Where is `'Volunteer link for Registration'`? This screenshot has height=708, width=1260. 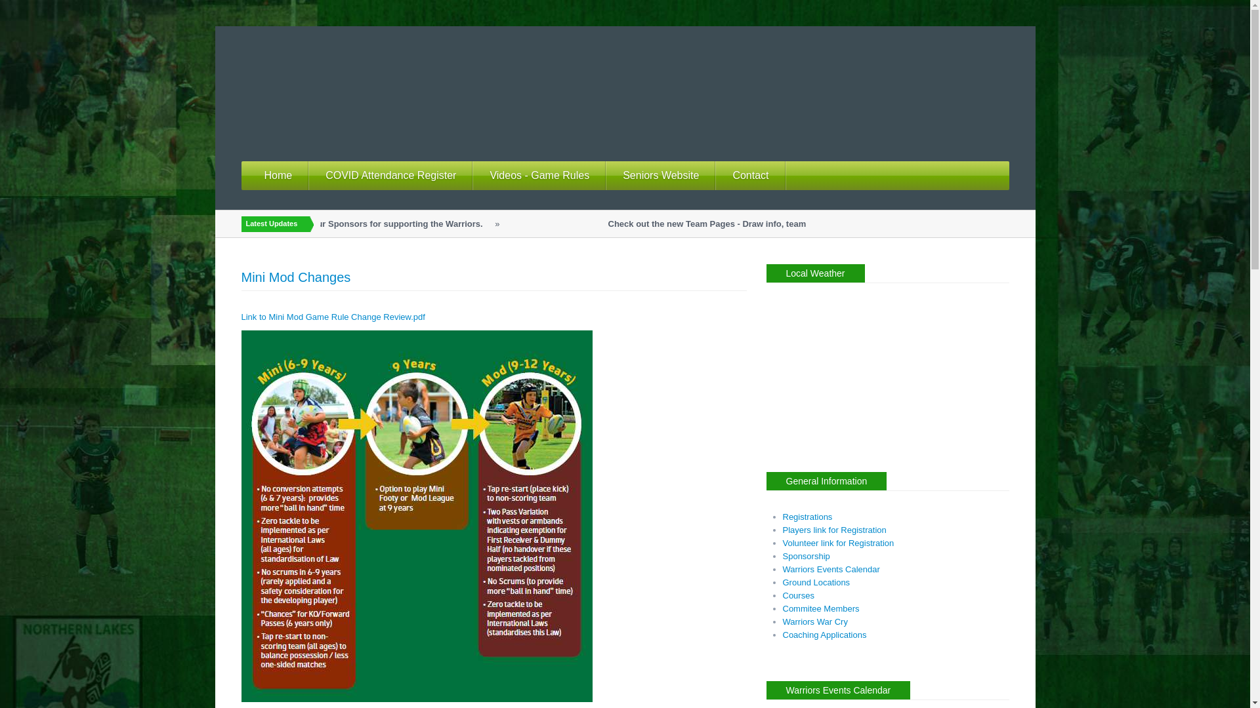
'Volunteer link for Registration' is located at coordinates (837, 543).